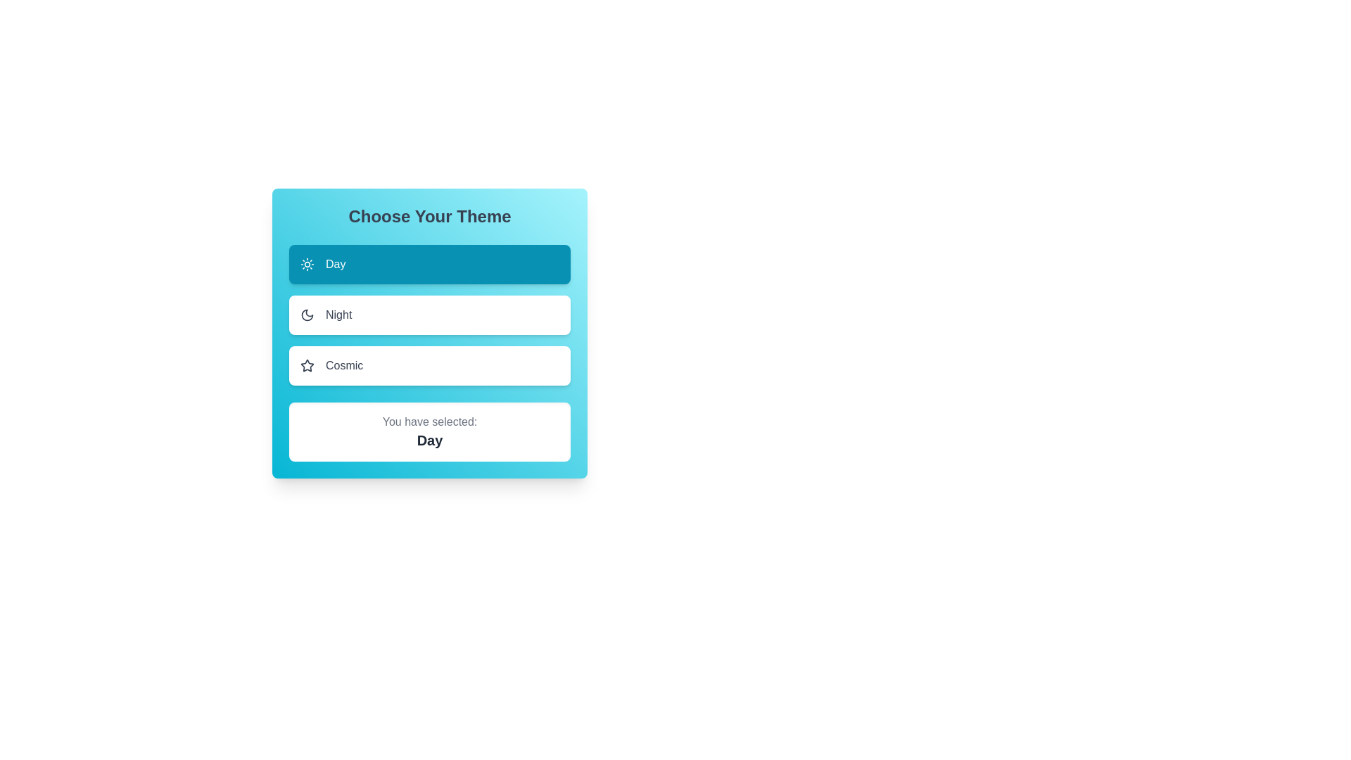 This screenshot has width=1351, height=760. I want to click on text label displaying 'Cosmic' which is styled with medium font weight, located in a thematic selection interface, aligned to the right of a star icon, so click(344, 365).